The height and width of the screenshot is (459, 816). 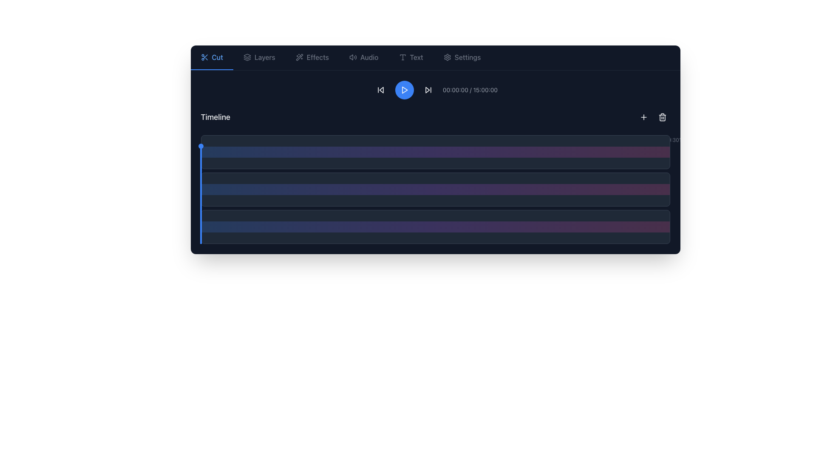 What do you see at coordinates (435, 140) in the screenshot?
I see `the timeline scale component` at bounding box center [435, 140].